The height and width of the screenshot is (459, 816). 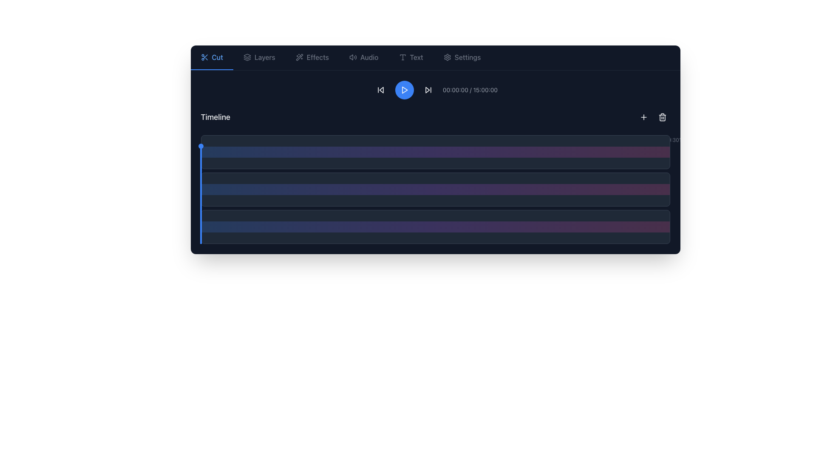 What do you see at coordinates (435, 140) in the screenshot?
I see `the timeline scale component` at bounding box center [435, 140].